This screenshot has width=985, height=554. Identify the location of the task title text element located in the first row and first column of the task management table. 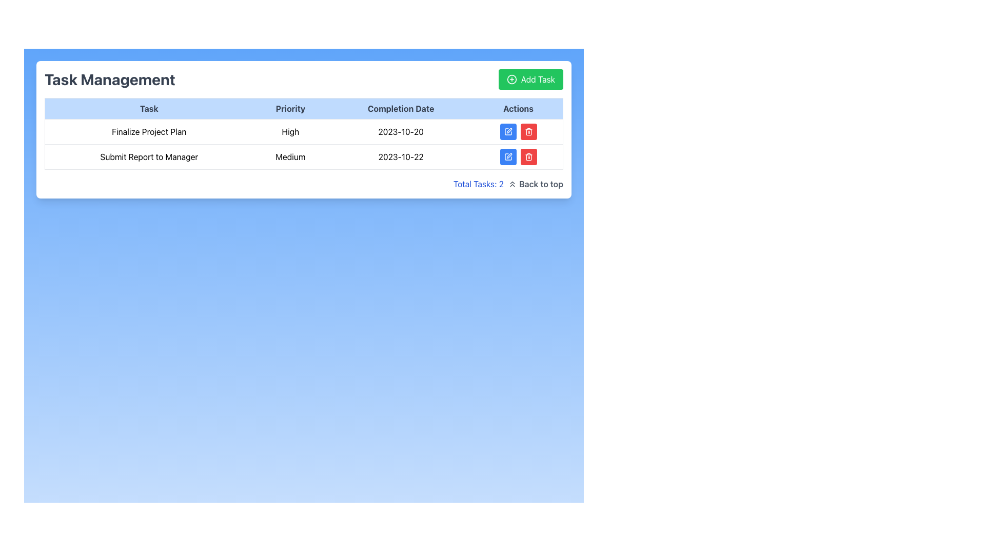
(148, 131).